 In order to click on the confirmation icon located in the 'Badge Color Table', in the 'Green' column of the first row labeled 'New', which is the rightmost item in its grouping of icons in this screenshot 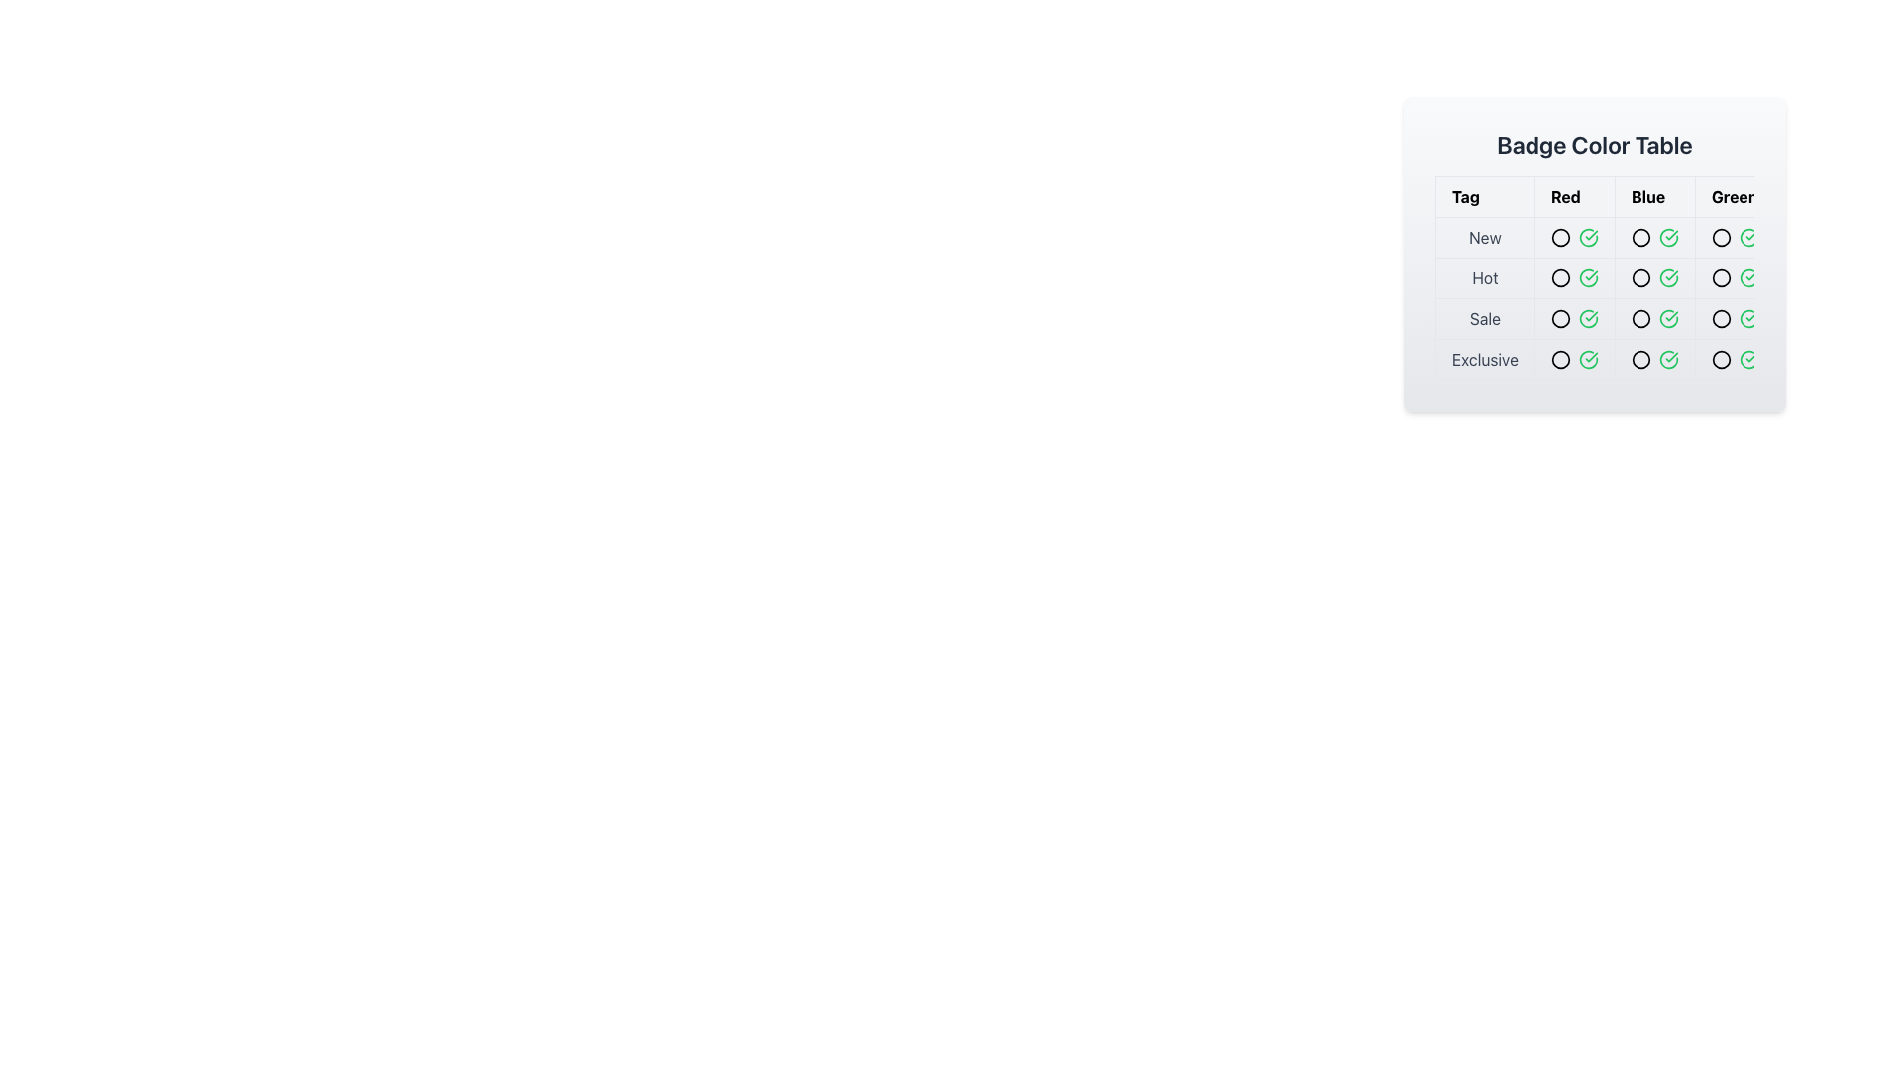, I will do `click(1748, 236)`.